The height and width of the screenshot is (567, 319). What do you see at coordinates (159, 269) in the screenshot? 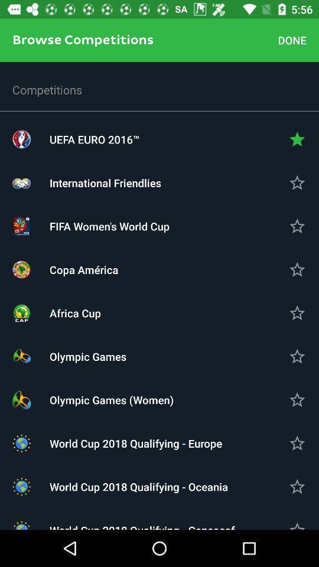
I see `the icon below the fifa women s item` at bounding box center [159, 269].